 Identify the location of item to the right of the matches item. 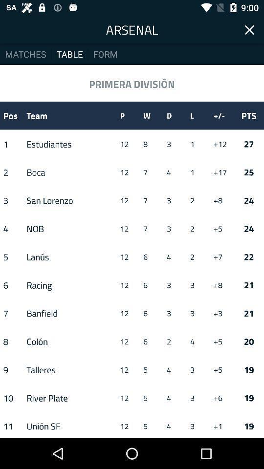
(69, 54).